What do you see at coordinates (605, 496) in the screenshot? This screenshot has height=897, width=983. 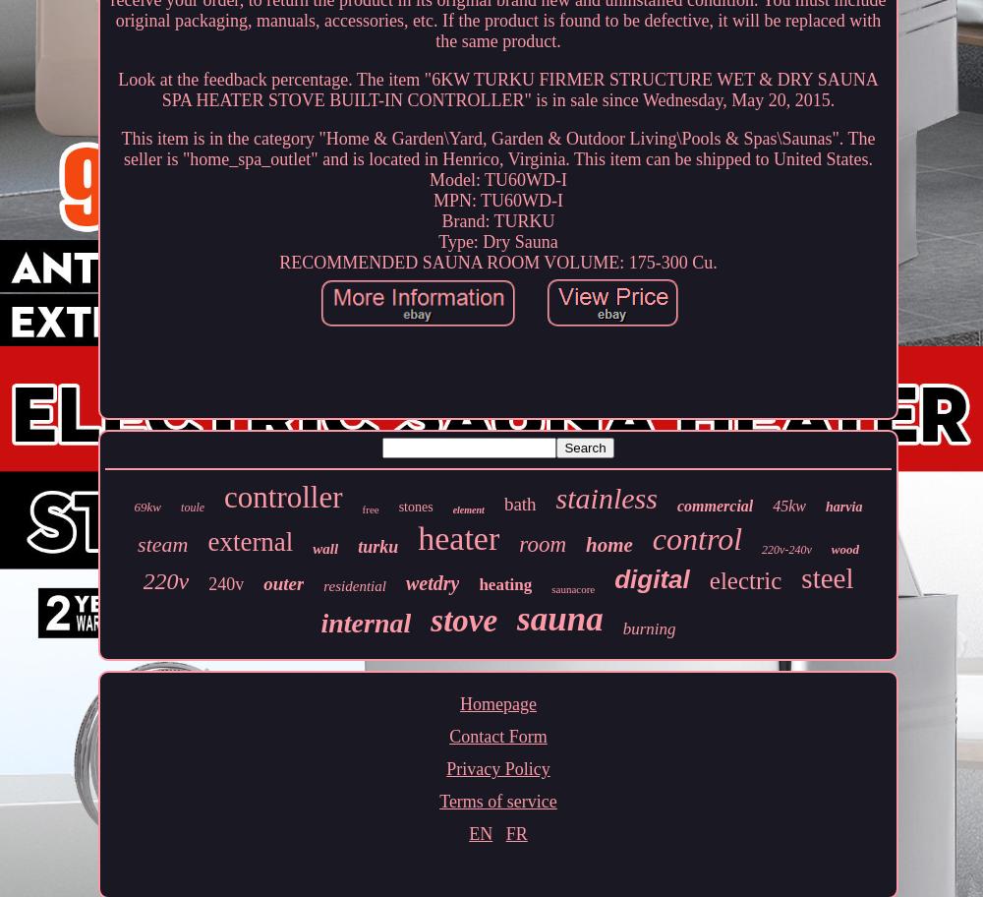 I see `'stainless'` at bounding box center [605, 496].